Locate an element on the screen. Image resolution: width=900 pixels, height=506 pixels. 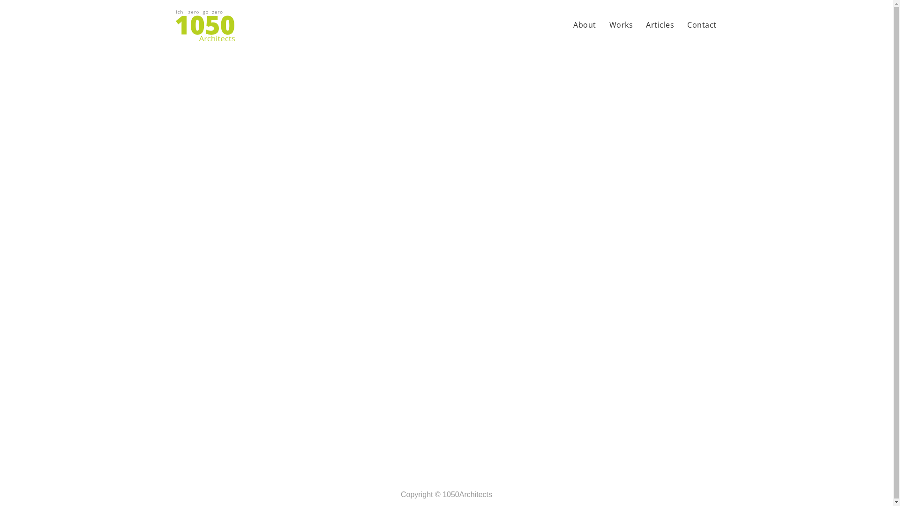
'Contact' is located at coordinates (702, 25).